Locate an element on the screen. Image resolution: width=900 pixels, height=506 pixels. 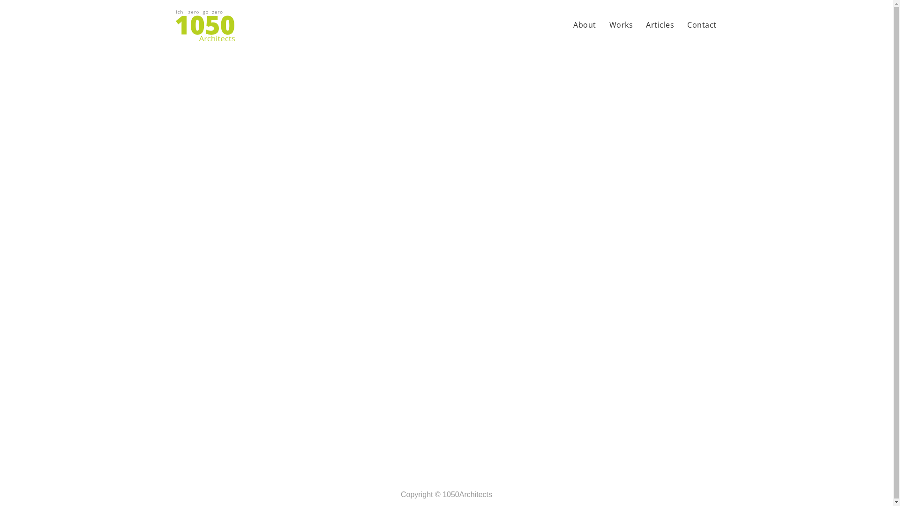
'Contact' is located at coordinates (702, 25).